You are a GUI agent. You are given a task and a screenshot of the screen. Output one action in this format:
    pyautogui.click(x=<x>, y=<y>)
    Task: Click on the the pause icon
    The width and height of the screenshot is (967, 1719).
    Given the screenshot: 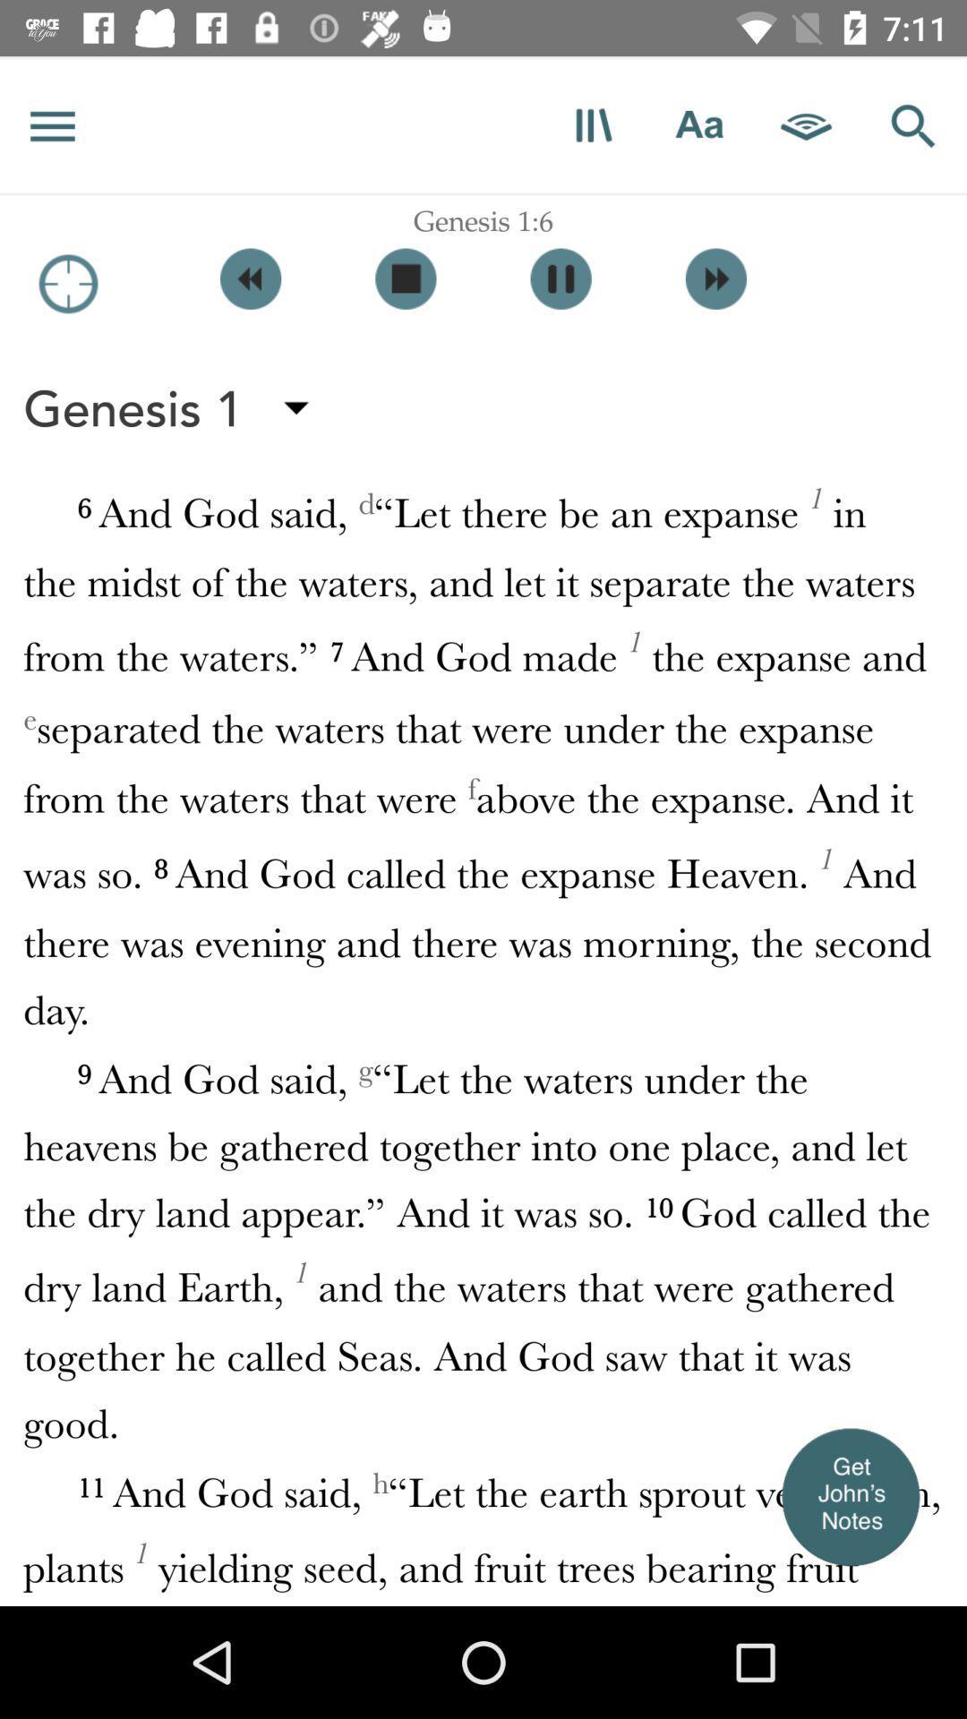 What is the action you would take?
    pyautogui.click(x=560, y=278)
    